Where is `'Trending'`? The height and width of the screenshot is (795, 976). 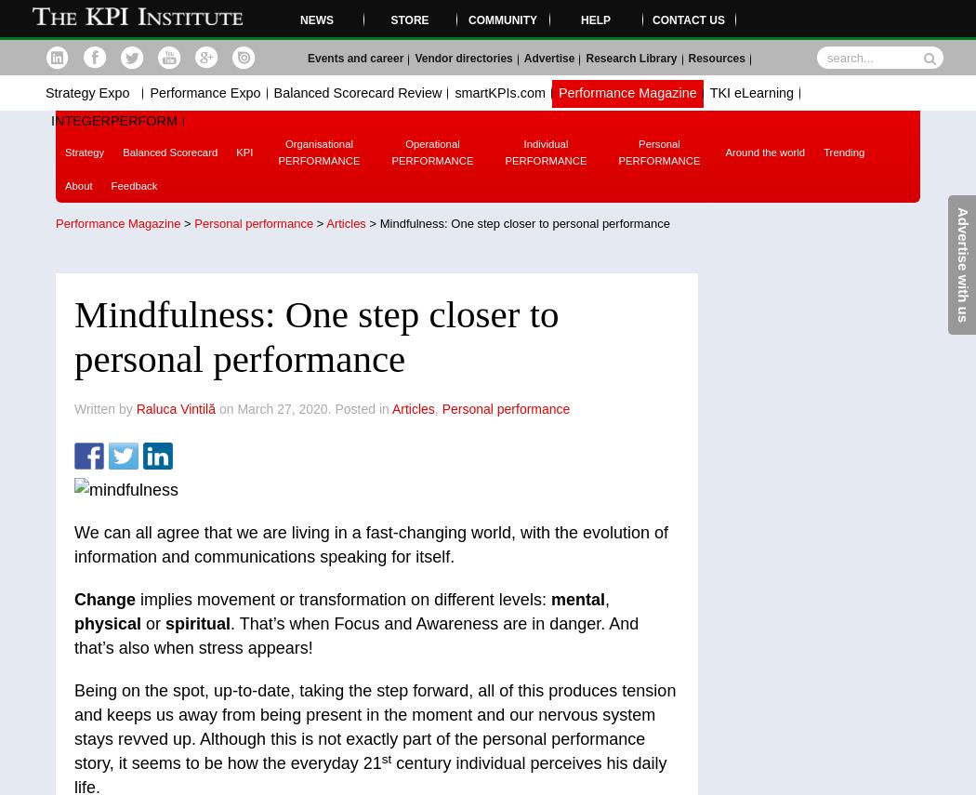 'Trending' is located at coordinates (844, 152).